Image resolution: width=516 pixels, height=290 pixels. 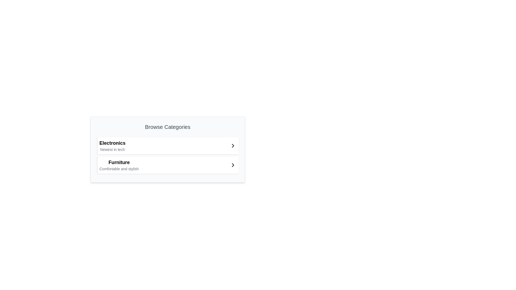 I want to click on the first Button-like list item labeled 'Electronics' in the 'Browse Categories' section, so click(x=167, y=146).